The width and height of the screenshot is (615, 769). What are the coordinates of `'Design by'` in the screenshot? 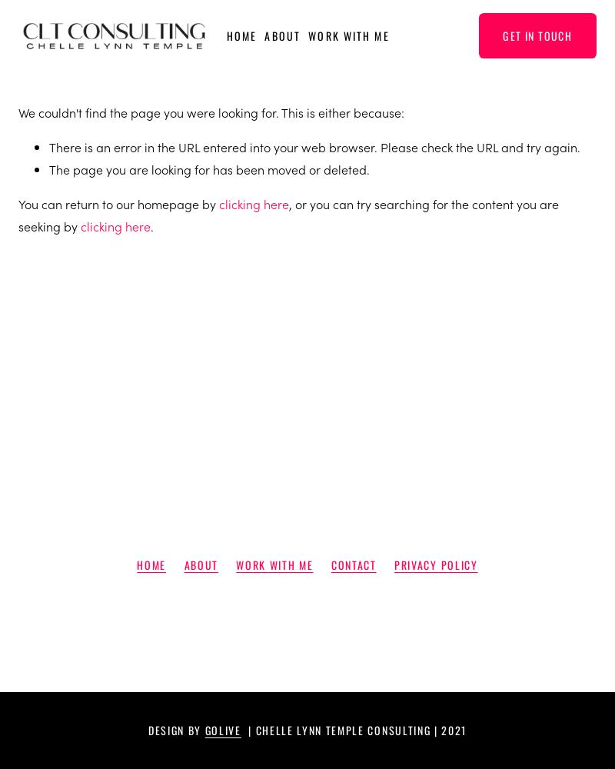 It's located at (144, 728).